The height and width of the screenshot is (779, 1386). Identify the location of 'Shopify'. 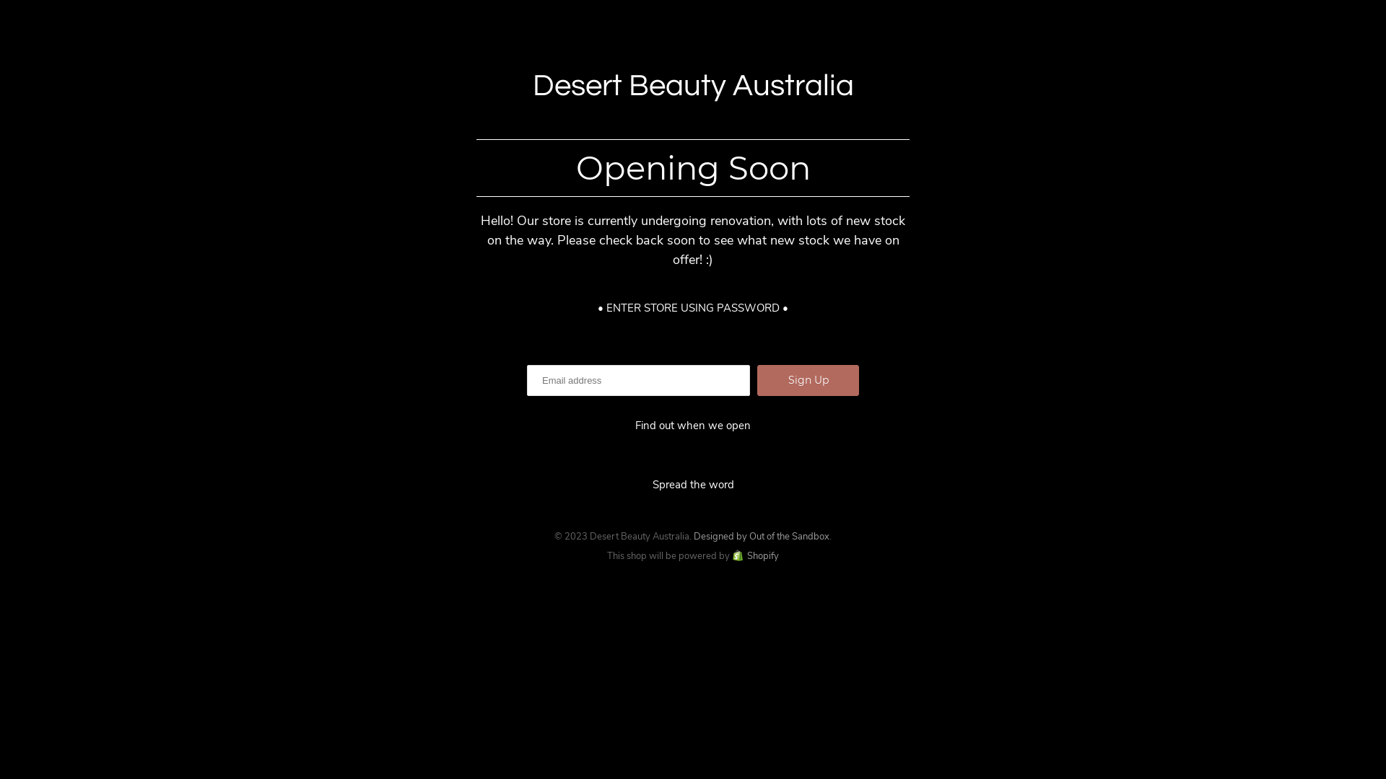
(754, 555).